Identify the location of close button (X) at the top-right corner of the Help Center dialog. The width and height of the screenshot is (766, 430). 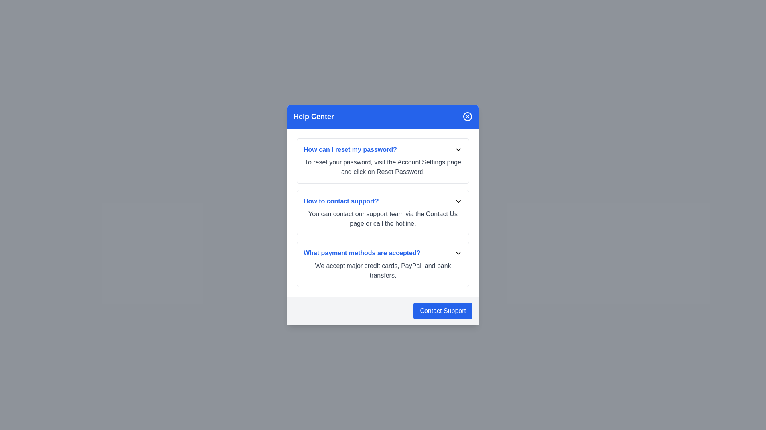
(467, 117).